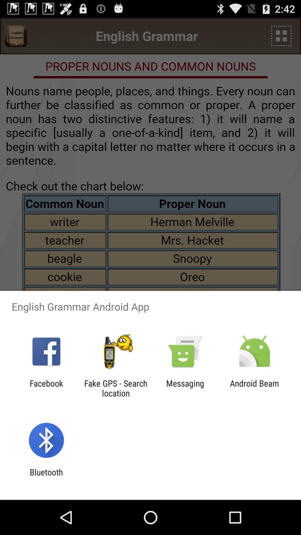 The width and height of the screenshot is (301, 535). What do you see at coordinates (46, 388) in the screenshot?
I see `facebook` at bounding box center [46, 388].